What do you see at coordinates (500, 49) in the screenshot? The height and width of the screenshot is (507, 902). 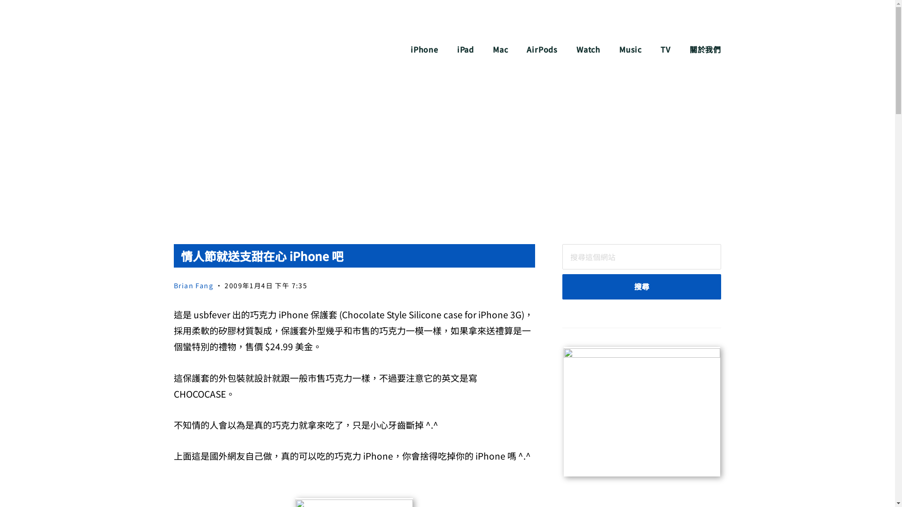 I see `'Mac'` at bounding box center [500, 49].